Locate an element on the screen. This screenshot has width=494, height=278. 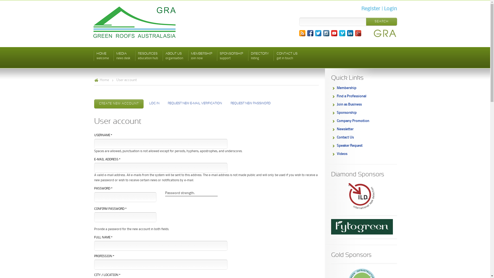
'LinkedIn' is located at coordinates (350, 34).